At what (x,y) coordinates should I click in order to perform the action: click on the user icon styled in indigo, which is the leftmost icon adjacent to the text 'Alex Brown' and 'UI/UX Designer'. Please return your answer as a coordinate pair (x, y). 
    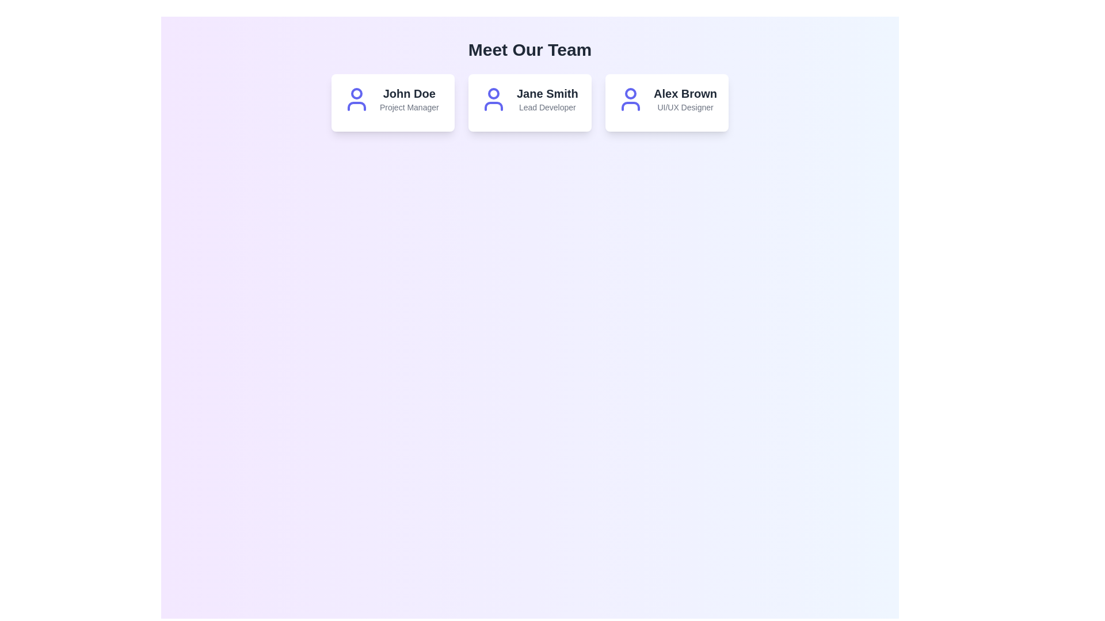
    Looking at the image, I should click on (630, 99).